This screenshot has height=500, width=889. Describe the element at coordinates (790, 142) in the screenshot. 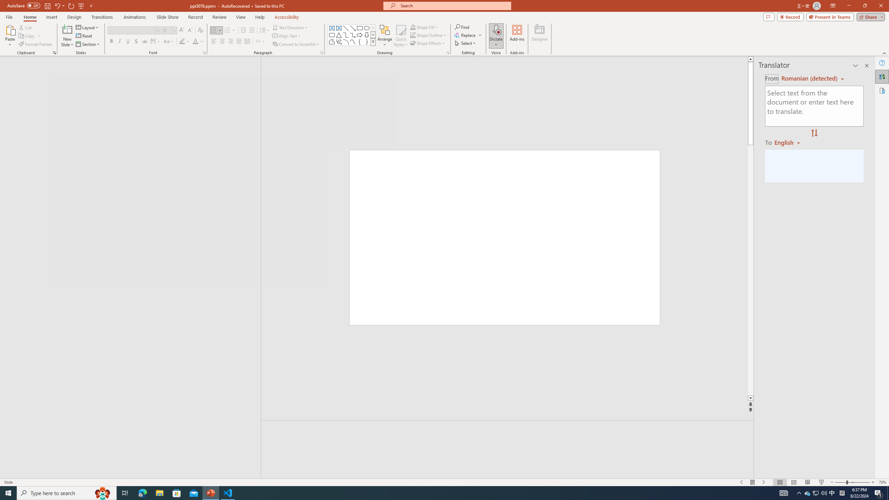

I see `'Romanian'` at that location.